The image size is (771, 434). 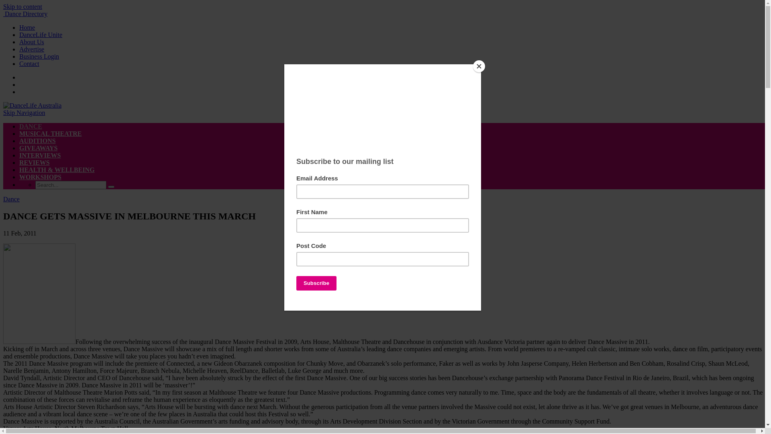 I want to click on 'GIVEAWAYS', so click(x=38, y=148).